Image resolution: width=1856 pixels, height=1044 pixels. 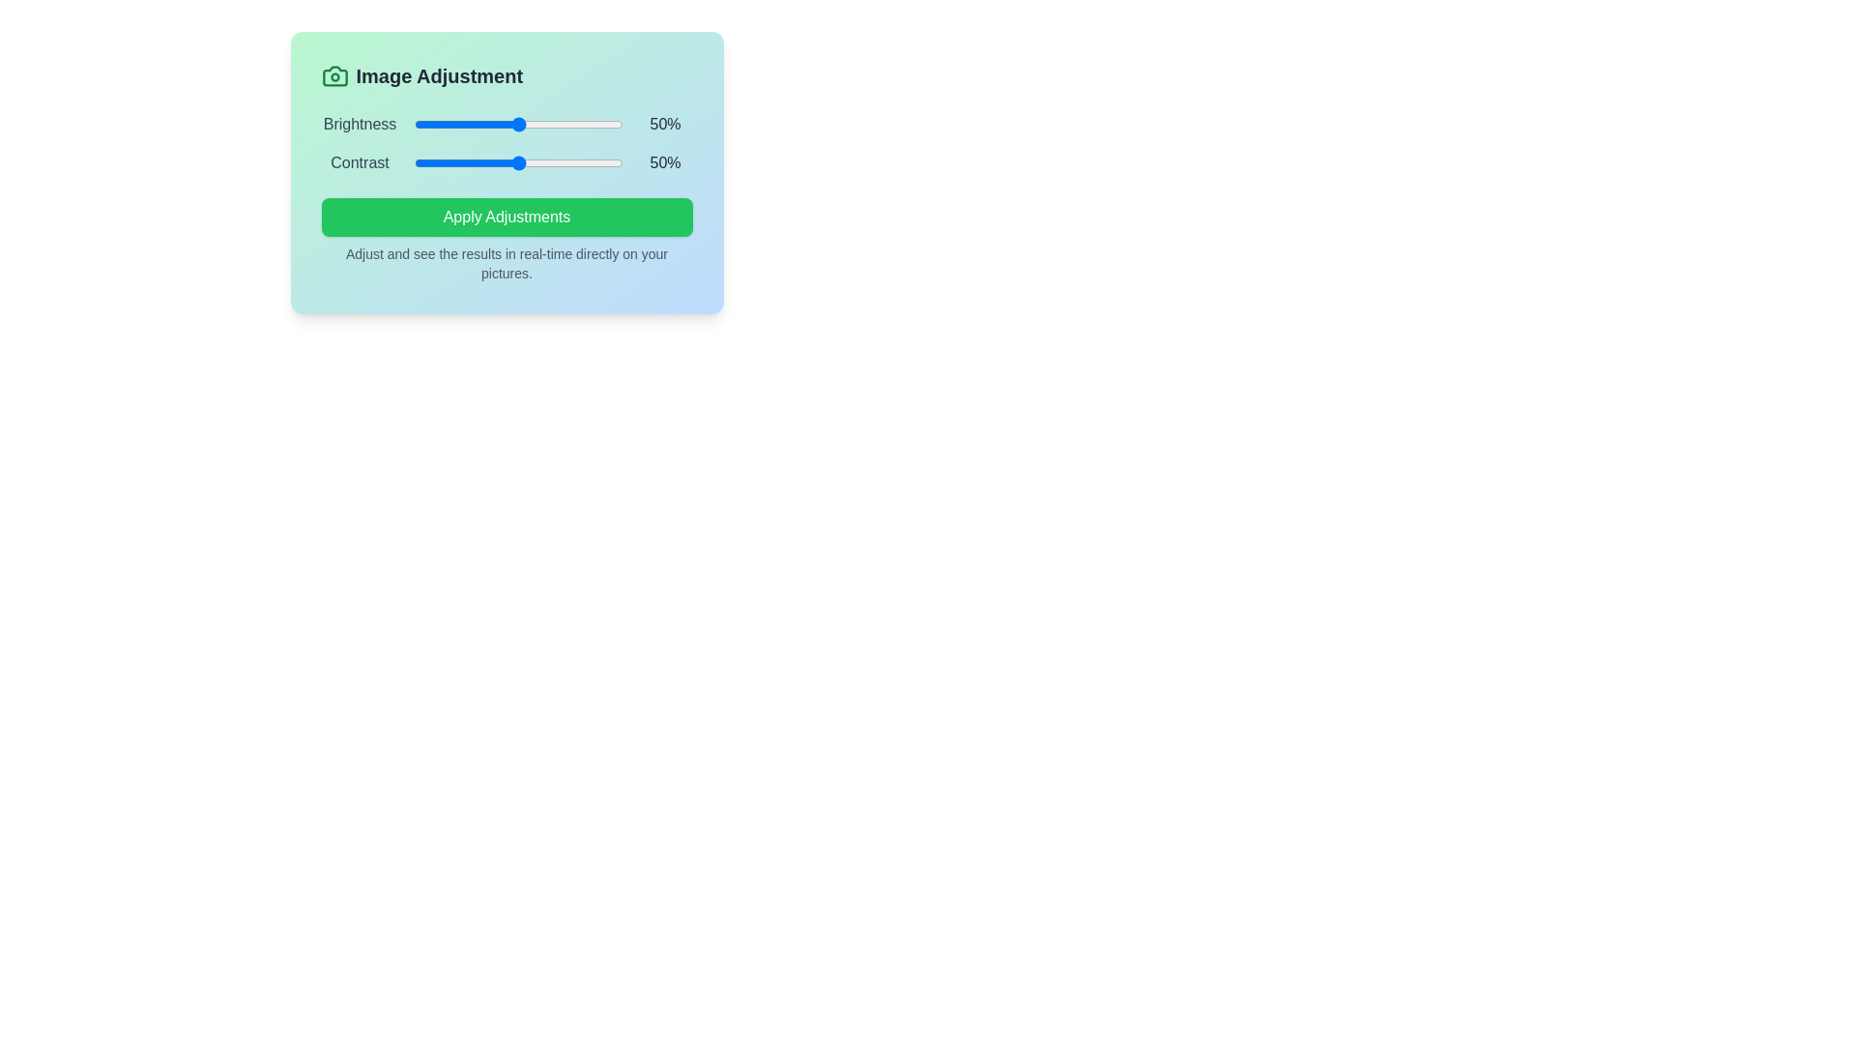 I want to click on the brightness slider to 4%, so click(x=421, y=124).